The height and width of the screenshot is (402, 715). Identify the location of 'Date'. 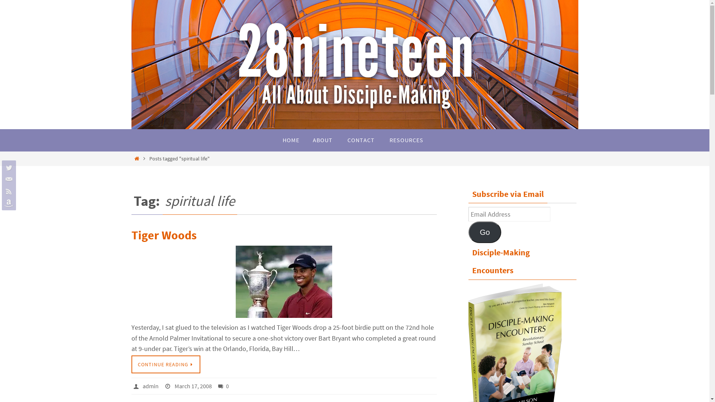
(168, 386).